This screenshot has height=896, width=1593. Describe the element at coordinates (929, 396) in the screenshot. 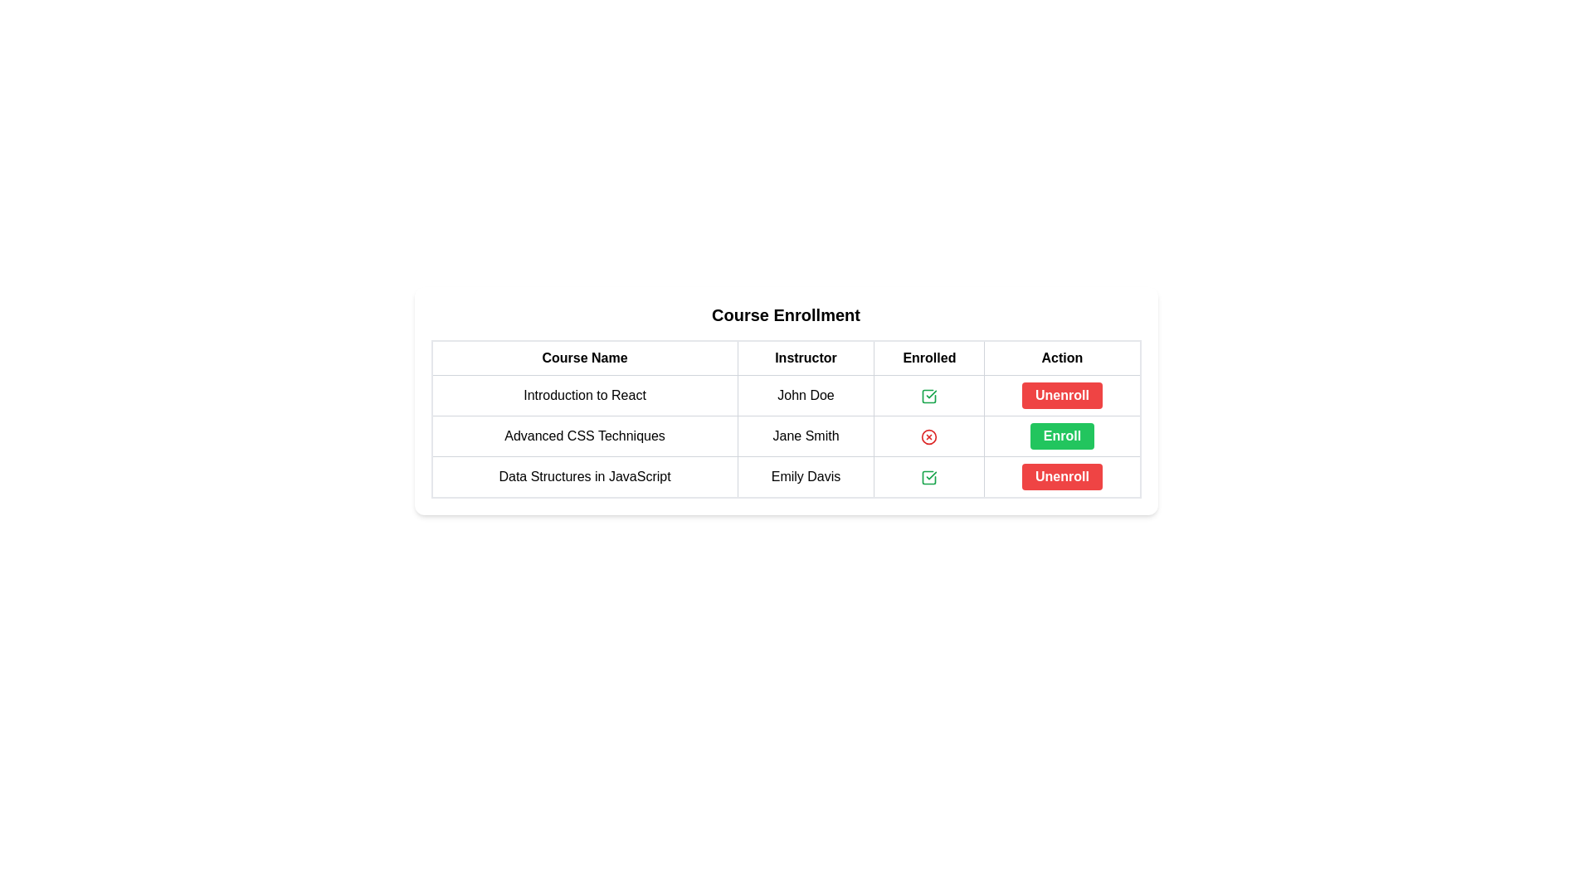

I see `the green checkmark status indicator in the 'Enrolled' column of the first row in the course enrollment table for the course 'Introduction to React'` at that location.